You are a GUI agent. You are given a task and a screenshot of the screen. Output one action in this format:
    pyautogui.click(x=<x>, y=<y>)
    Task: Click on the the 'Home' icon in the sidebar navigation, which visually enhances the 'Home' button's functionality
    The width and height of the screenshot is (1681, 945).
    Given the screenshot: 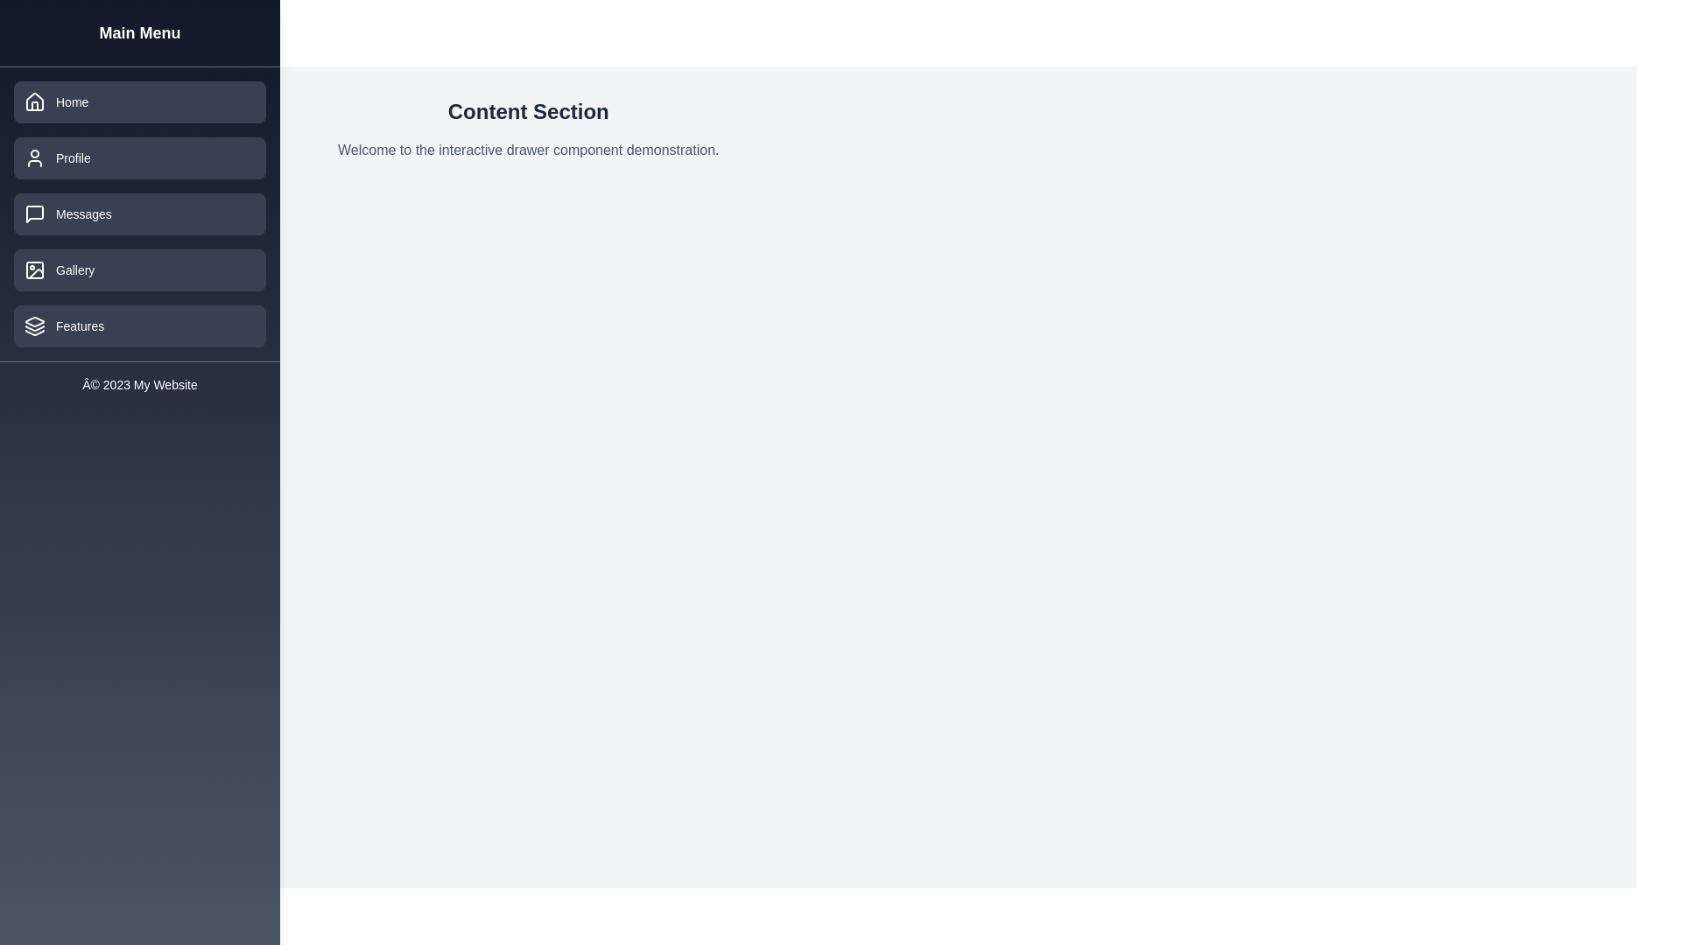 What is the action you would take?
    pyautogui.click(x=34, y=101)
    